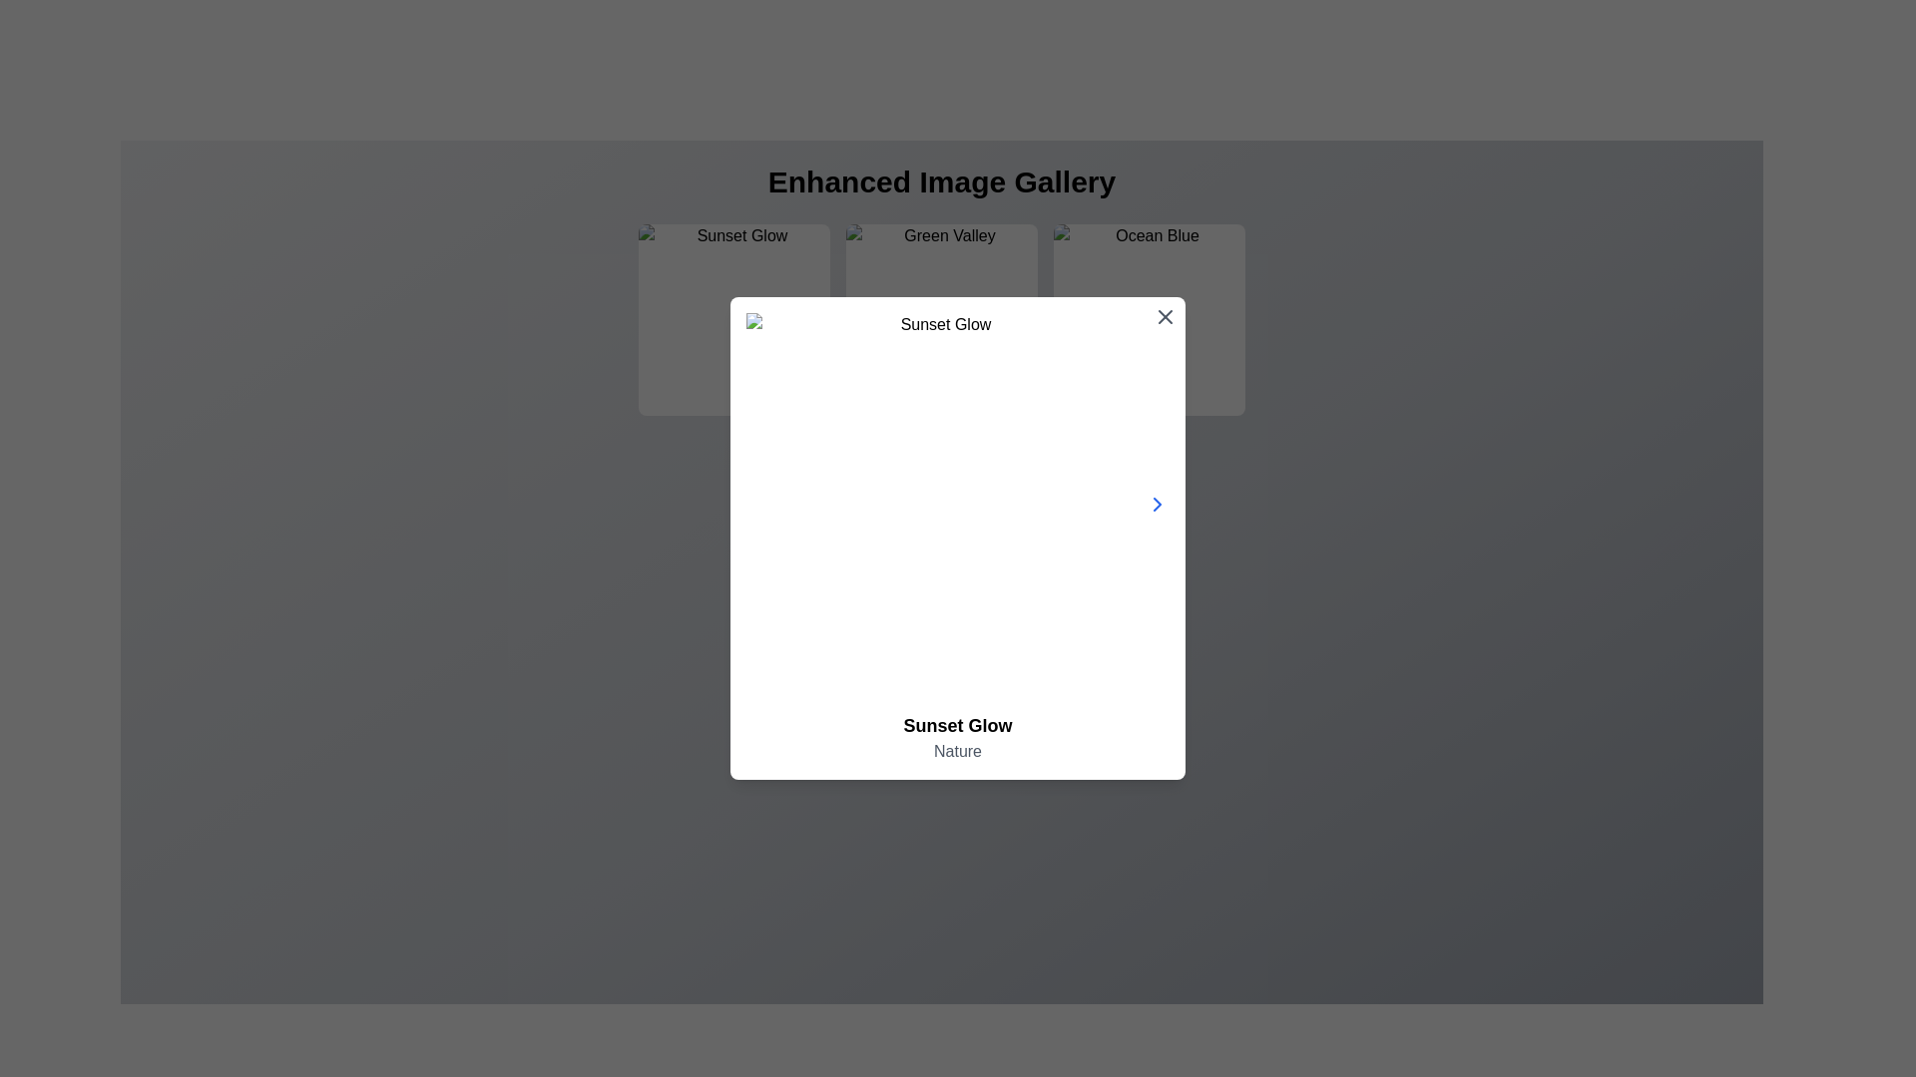  Describe the element at coordinates (958, 751) in the screenshot. I see `the text label positioned centrally in the lower part of the modal dialog, located directly beneath the 'Sunset Glow' label` at that location.